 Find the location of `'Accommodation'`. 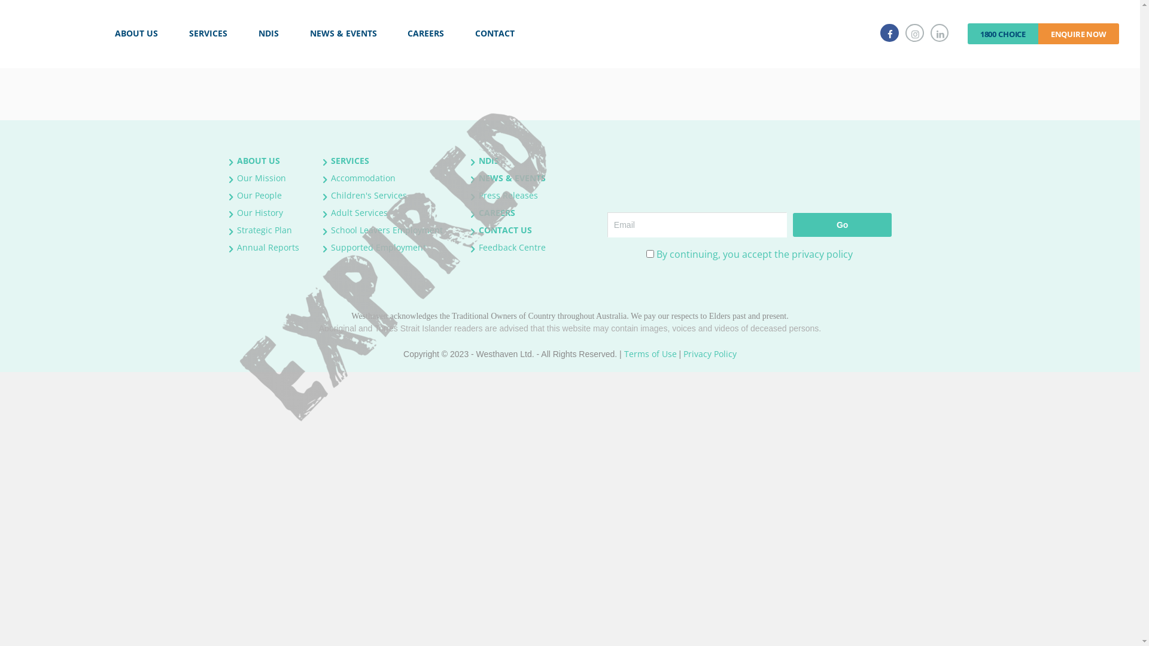

'Accommodation' is located at coordinates (362, 178).